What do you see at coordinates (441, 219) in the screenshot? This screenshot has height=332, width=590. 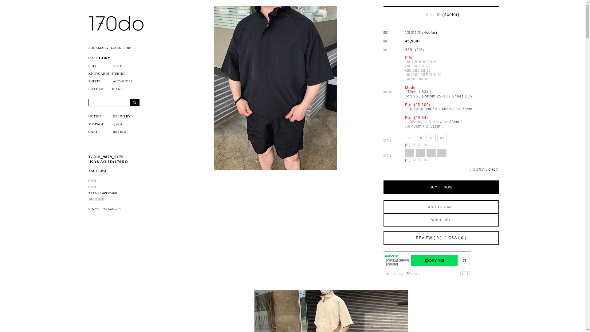 I see `'WISH LIST'` at bounding box center [441, 219].